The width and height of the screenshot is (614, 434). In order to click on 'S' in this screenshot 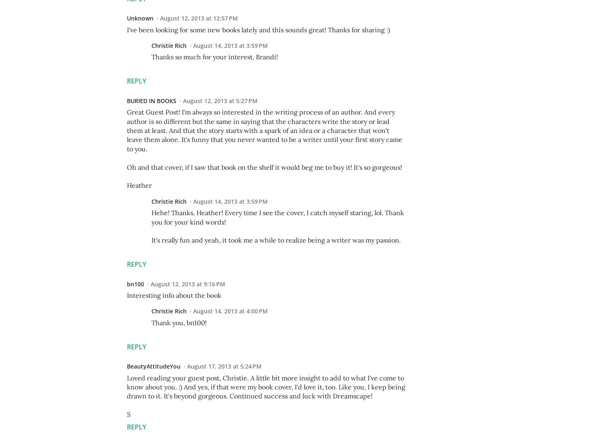, I will do `click(128, 414)`.